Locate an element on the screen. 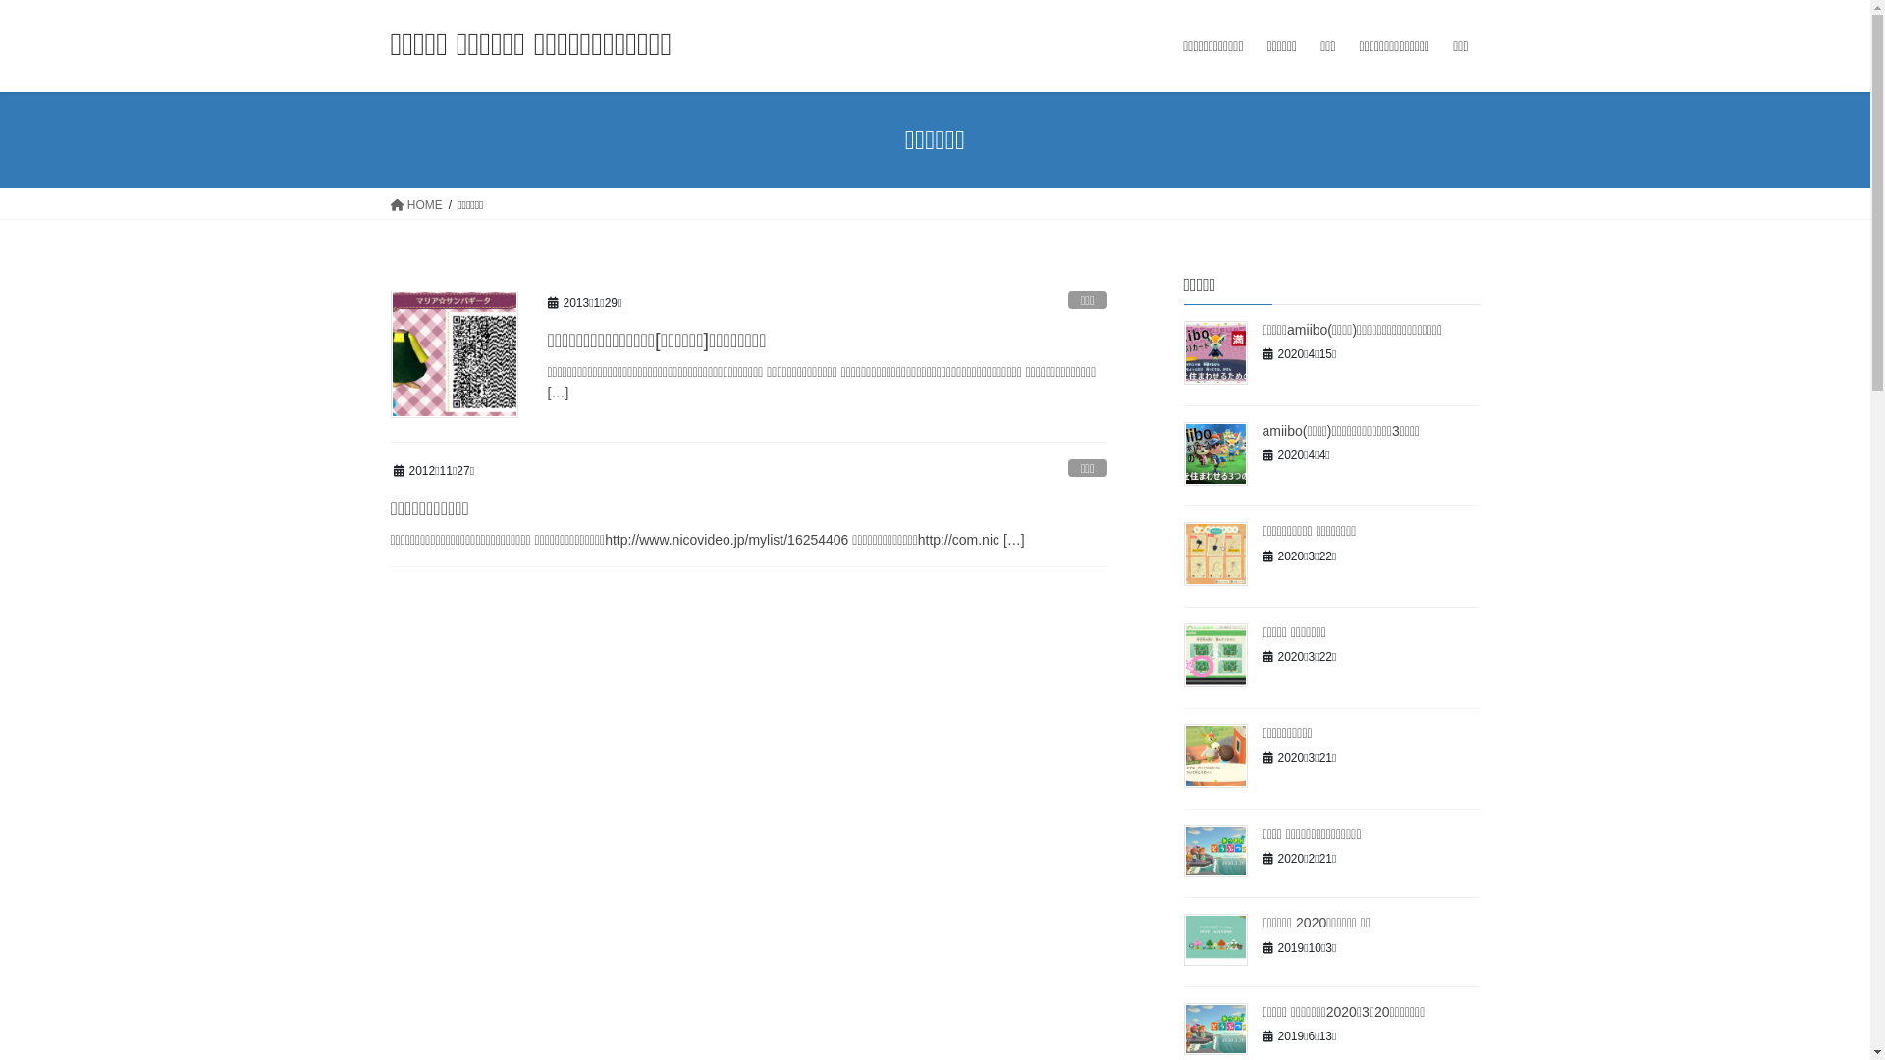 The height and width of the screenshot is (1060, 1885). 'HOME' is located at coordinates (415, 204).